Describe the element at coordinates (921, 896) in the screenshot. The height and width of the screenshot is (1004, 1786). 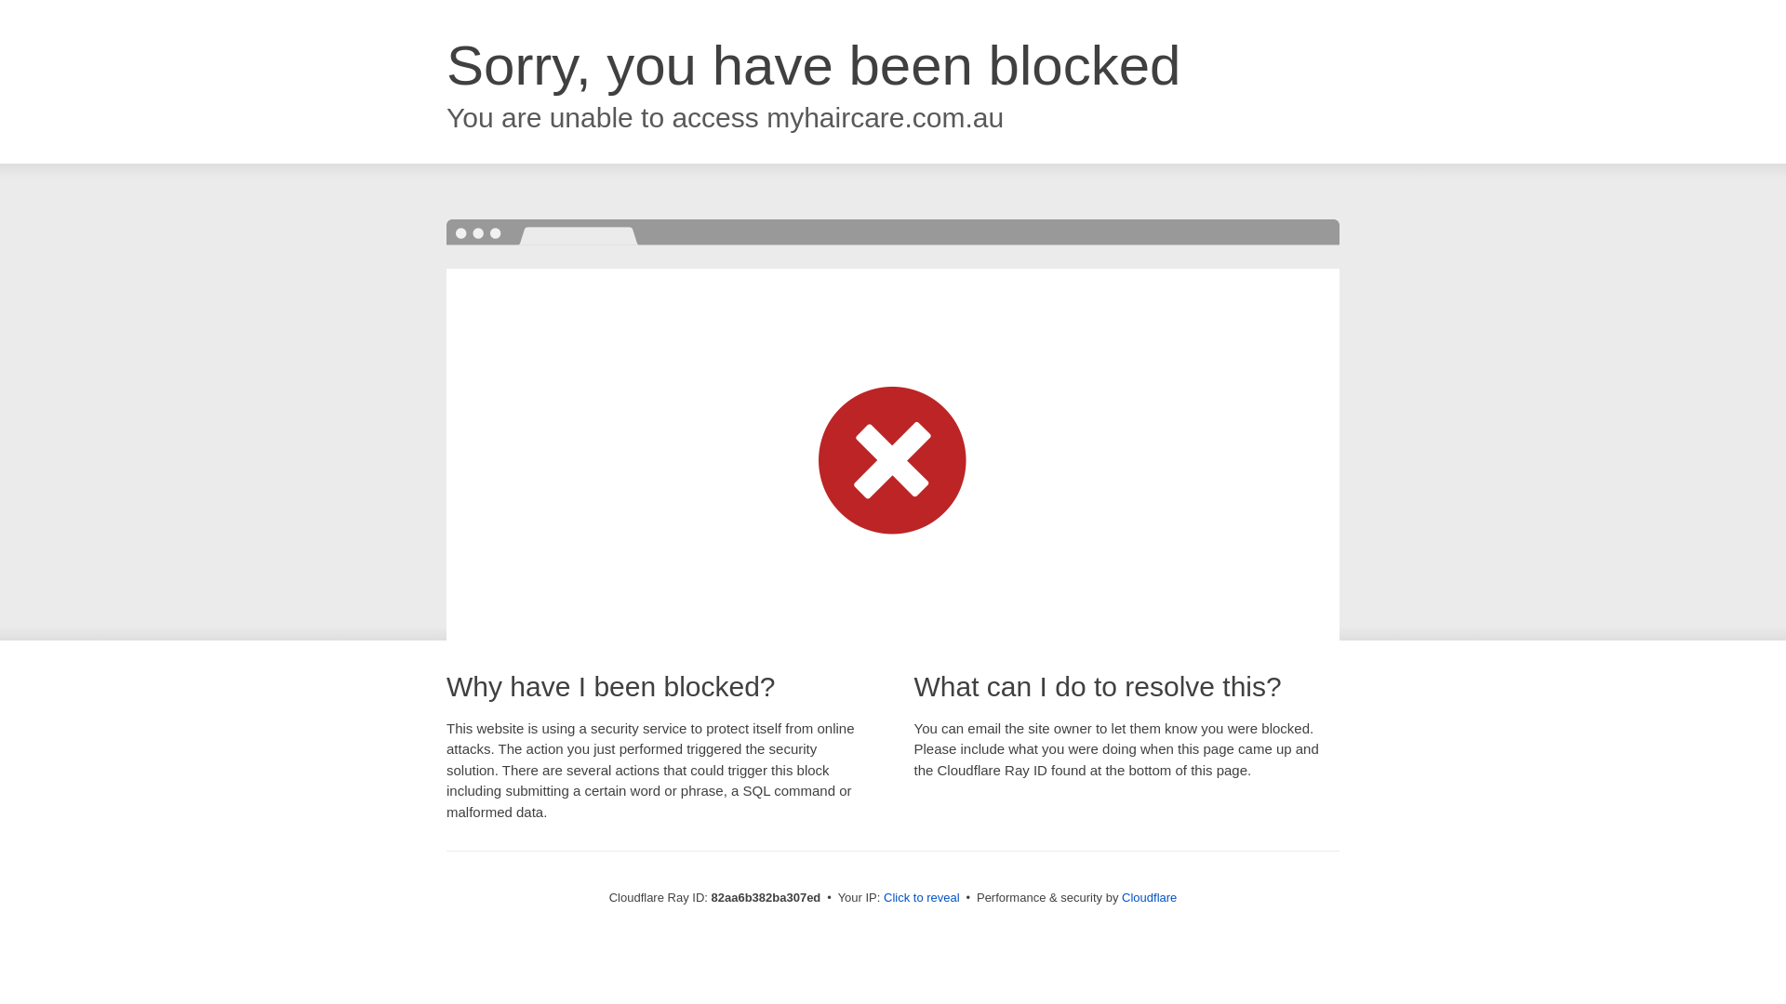
I see `'Click to reveal'` at that location.